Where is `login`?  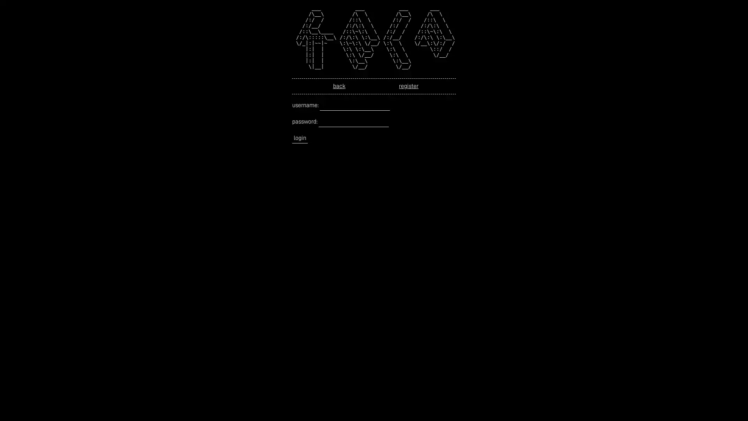
login is located at coordinates (299, 138).